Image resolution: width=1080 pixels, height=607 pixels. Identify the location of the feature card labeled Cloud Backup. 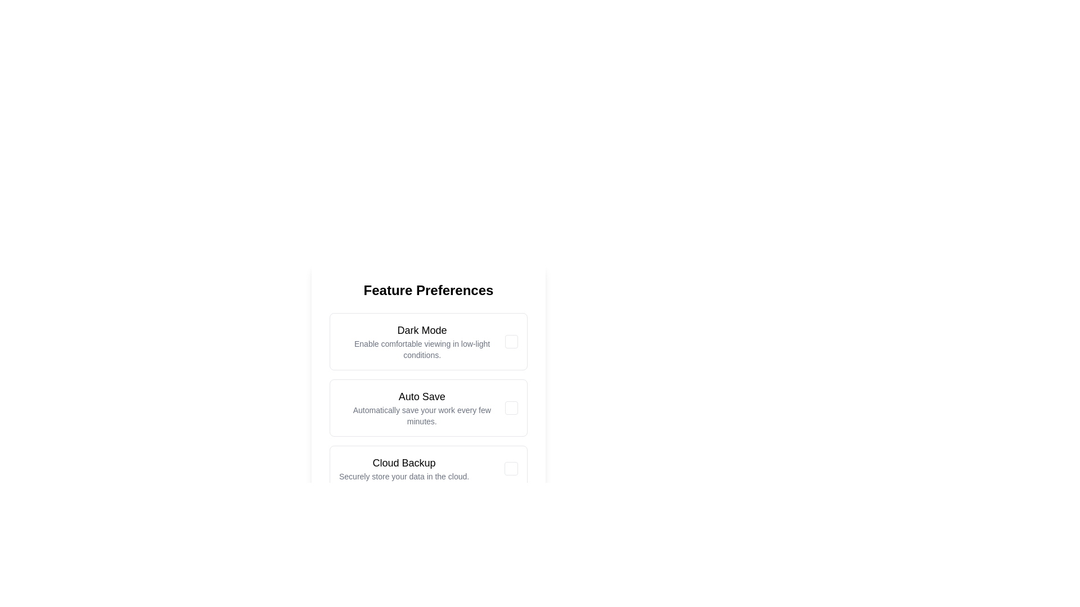
(404, 468).